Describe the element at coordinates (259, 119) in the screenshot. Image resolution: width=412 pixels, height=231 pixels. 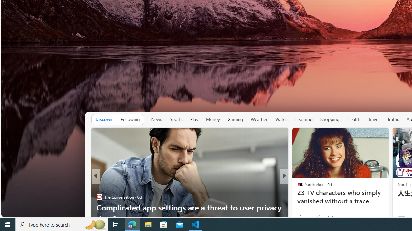
I see `'Weather'` at that location.